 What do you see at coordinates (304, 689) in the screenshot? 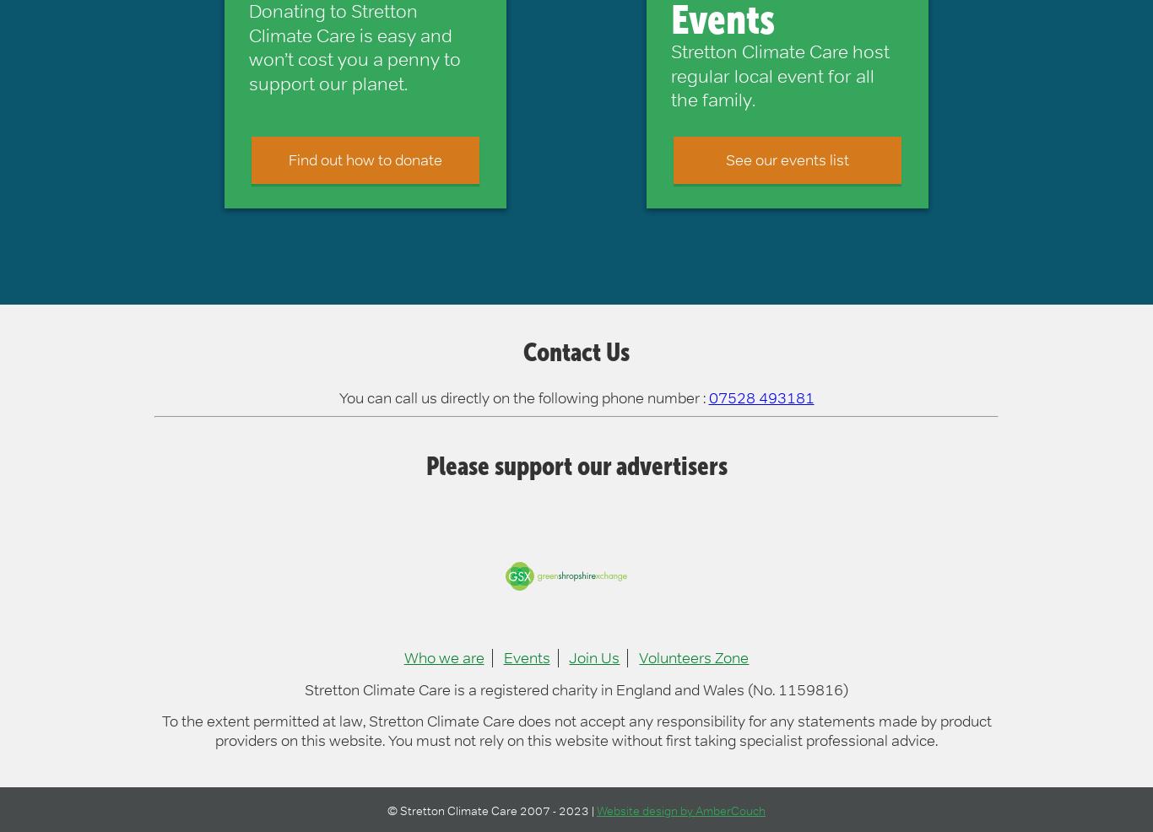
I see `'Stretton Climate Care is a registered charity in England and Wales (No. 1159816)'` at bounding box center [304, 689].